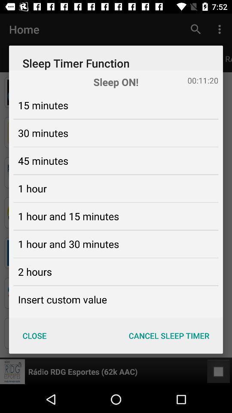 Image resolution: width=232 pixels, height=413 pixels. Describe the element at coordinates (62, 299) in the screenshot. I see `icon above close` at that location.